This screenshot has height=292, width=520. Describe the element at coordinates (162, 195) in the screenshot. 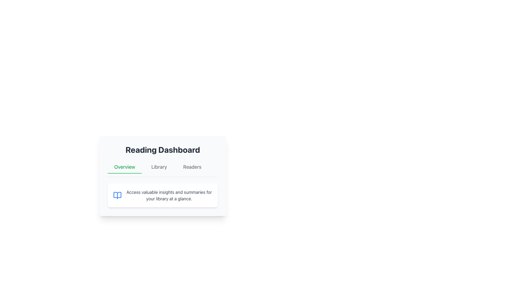

I see `the white rectangular card element with a blue open book icon and the text 'Access valuable insights and summaries for your library at a glance.' located in the middle portion of the 'Reading Dashboard.'` at that location.